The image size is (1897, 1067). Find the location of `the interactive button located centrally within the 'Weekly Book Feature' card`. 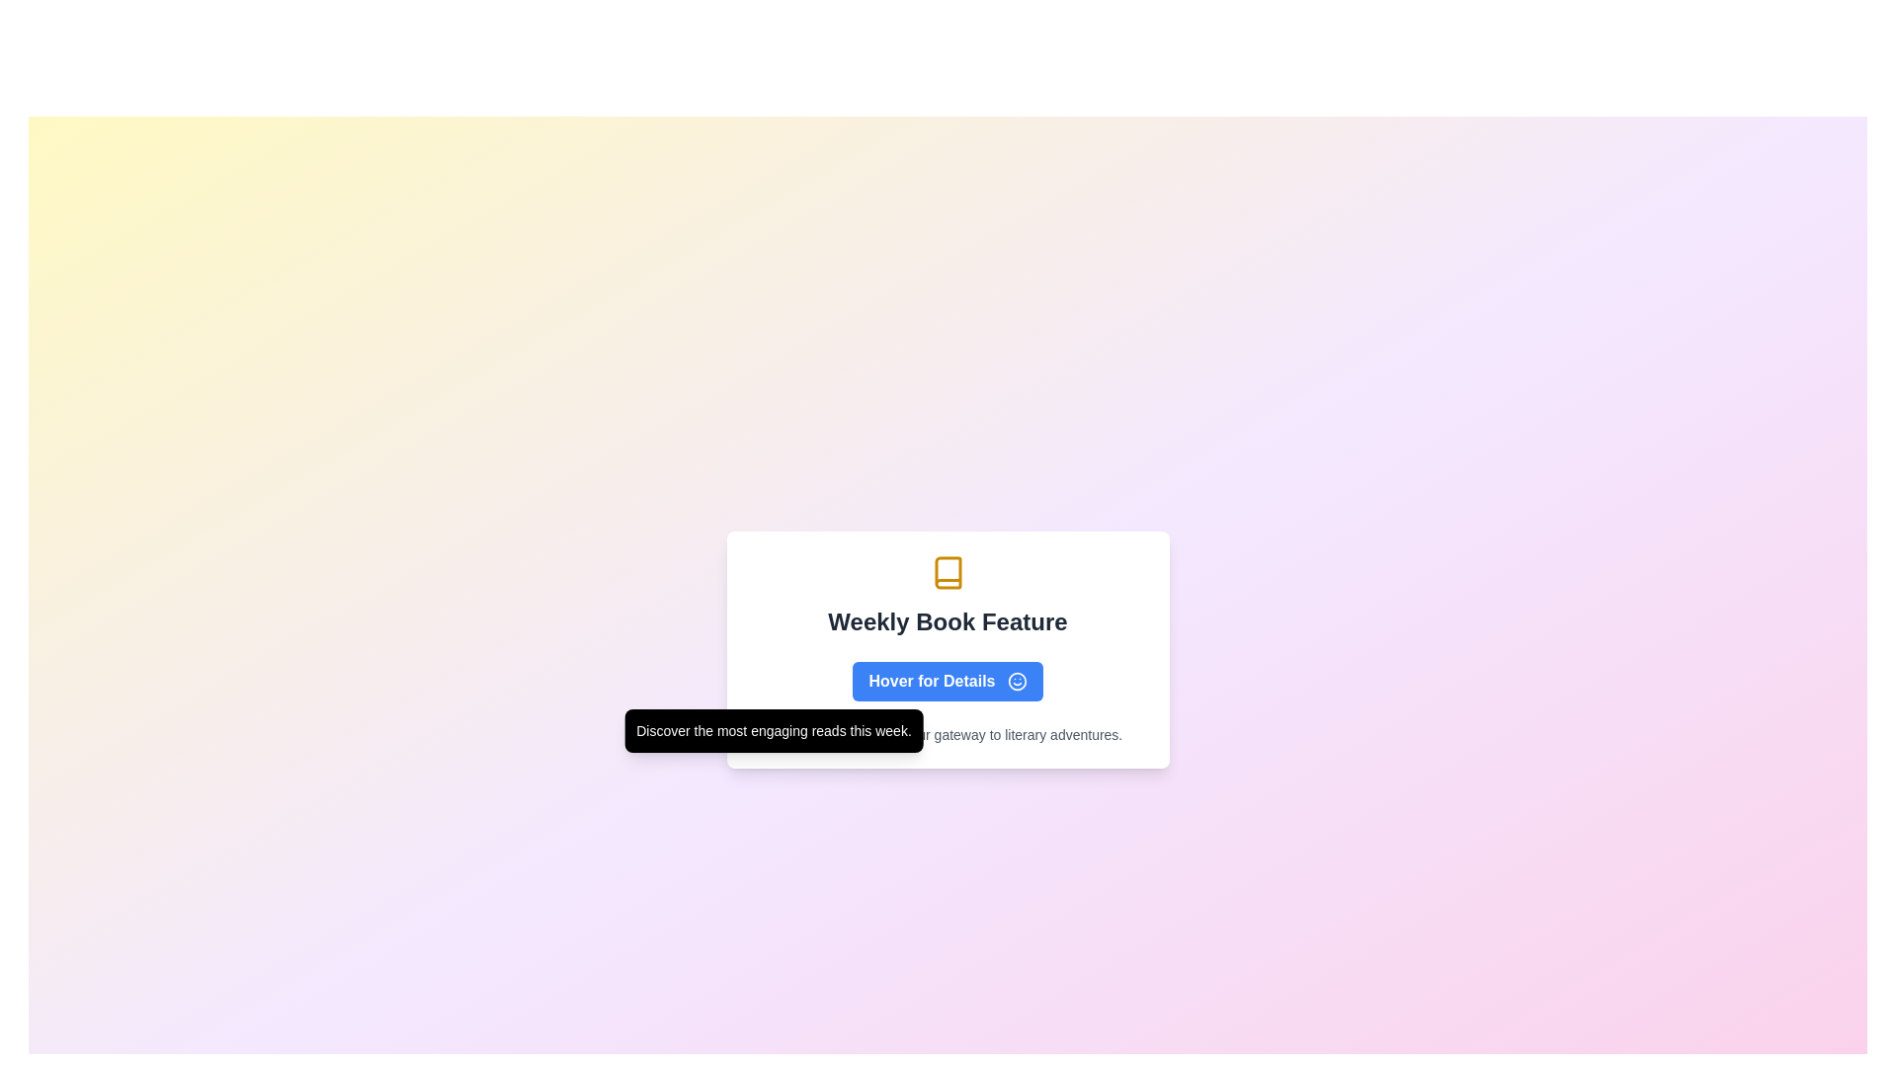

the interactive button located centrally within the 'Weekly Book Feature' card is located at coordinates (947, 681).